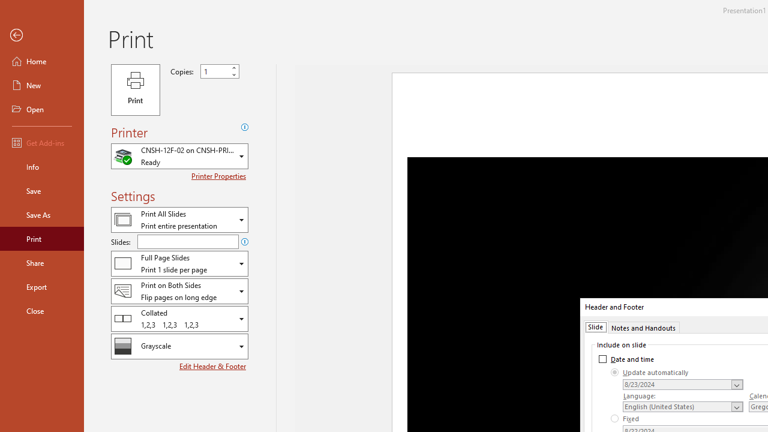  What do you see at coordinates (41, 239) in the screenshot?
I see `'Print'` at bounding box center [41, 239].